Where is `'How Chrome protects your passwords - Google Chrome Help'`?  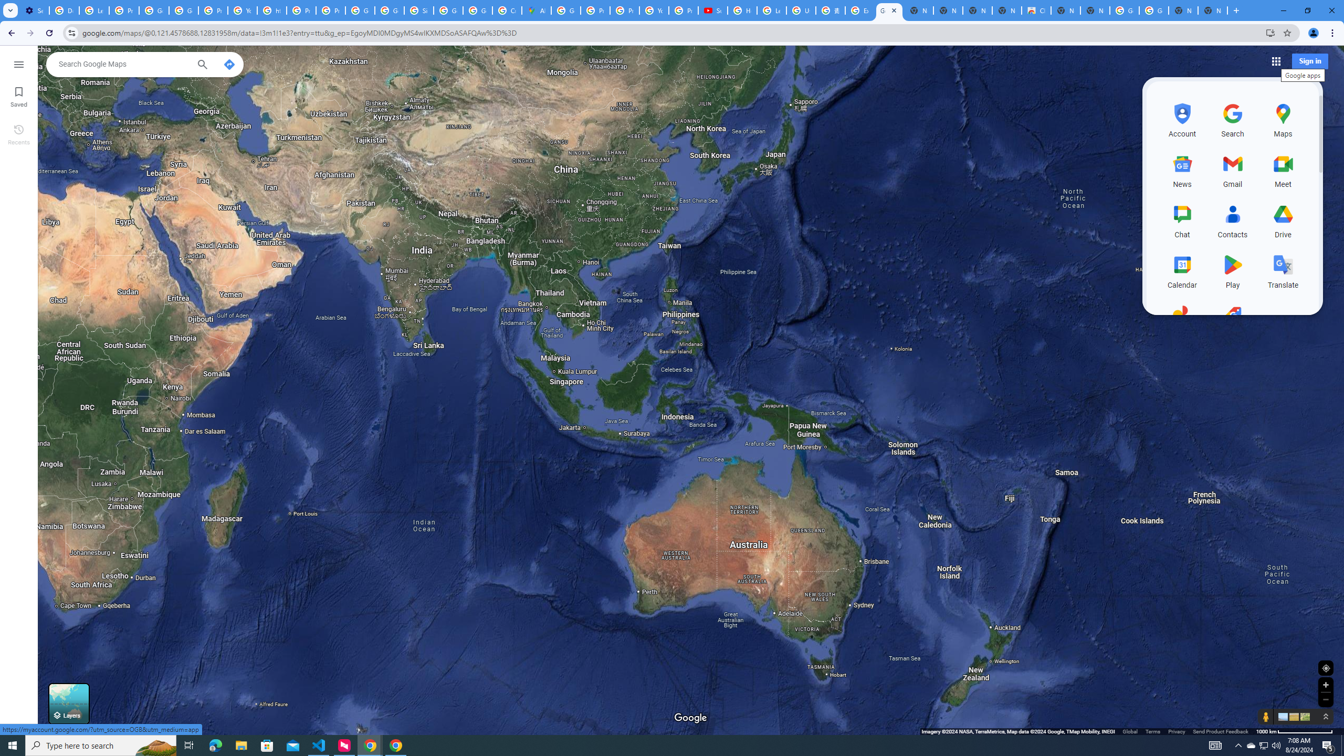 'How Chrome protects your passwords - Google Chrome Help' is located at coordinates (742, 10).